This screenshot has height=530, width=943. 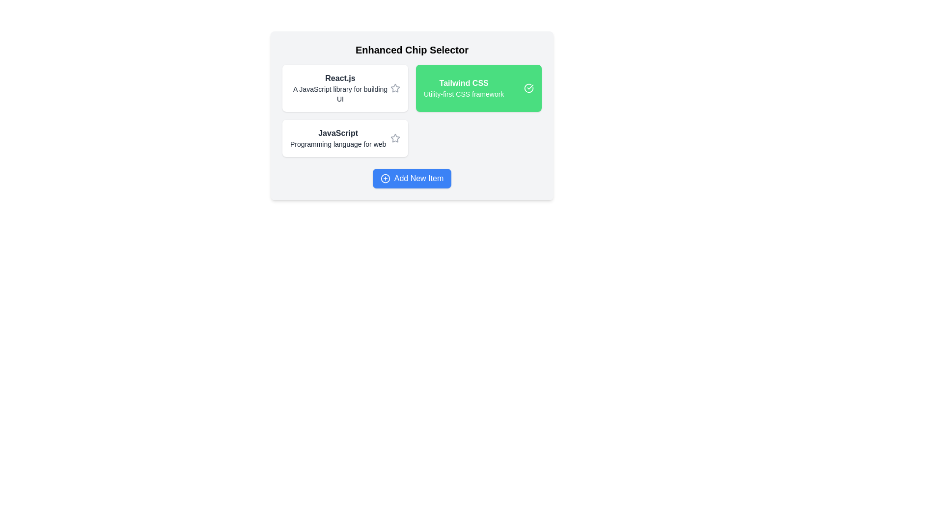 What do you see at coordinates (463, 88) in the screenshot?
I see `the Text label displaying 'Tailwind CSS' within the interactive card component, which is part of a list of options on the right side of the layout` at bounding box center [463, 88].